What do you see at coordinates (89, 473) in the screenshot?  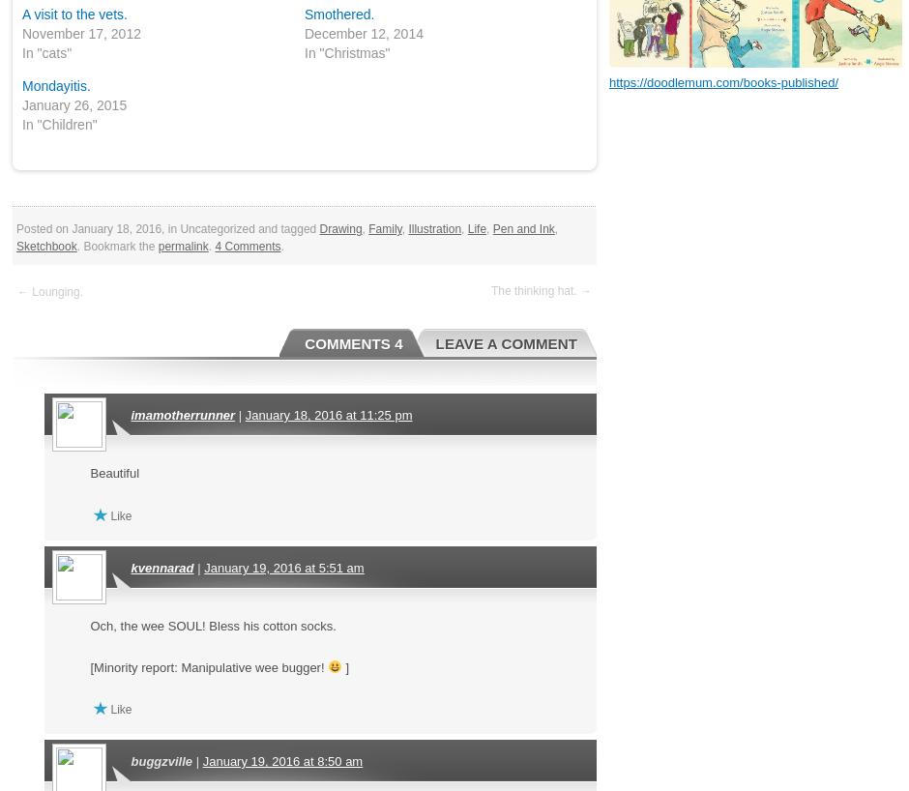 I see `'Beautiful'` at bounding box center [89, 473].